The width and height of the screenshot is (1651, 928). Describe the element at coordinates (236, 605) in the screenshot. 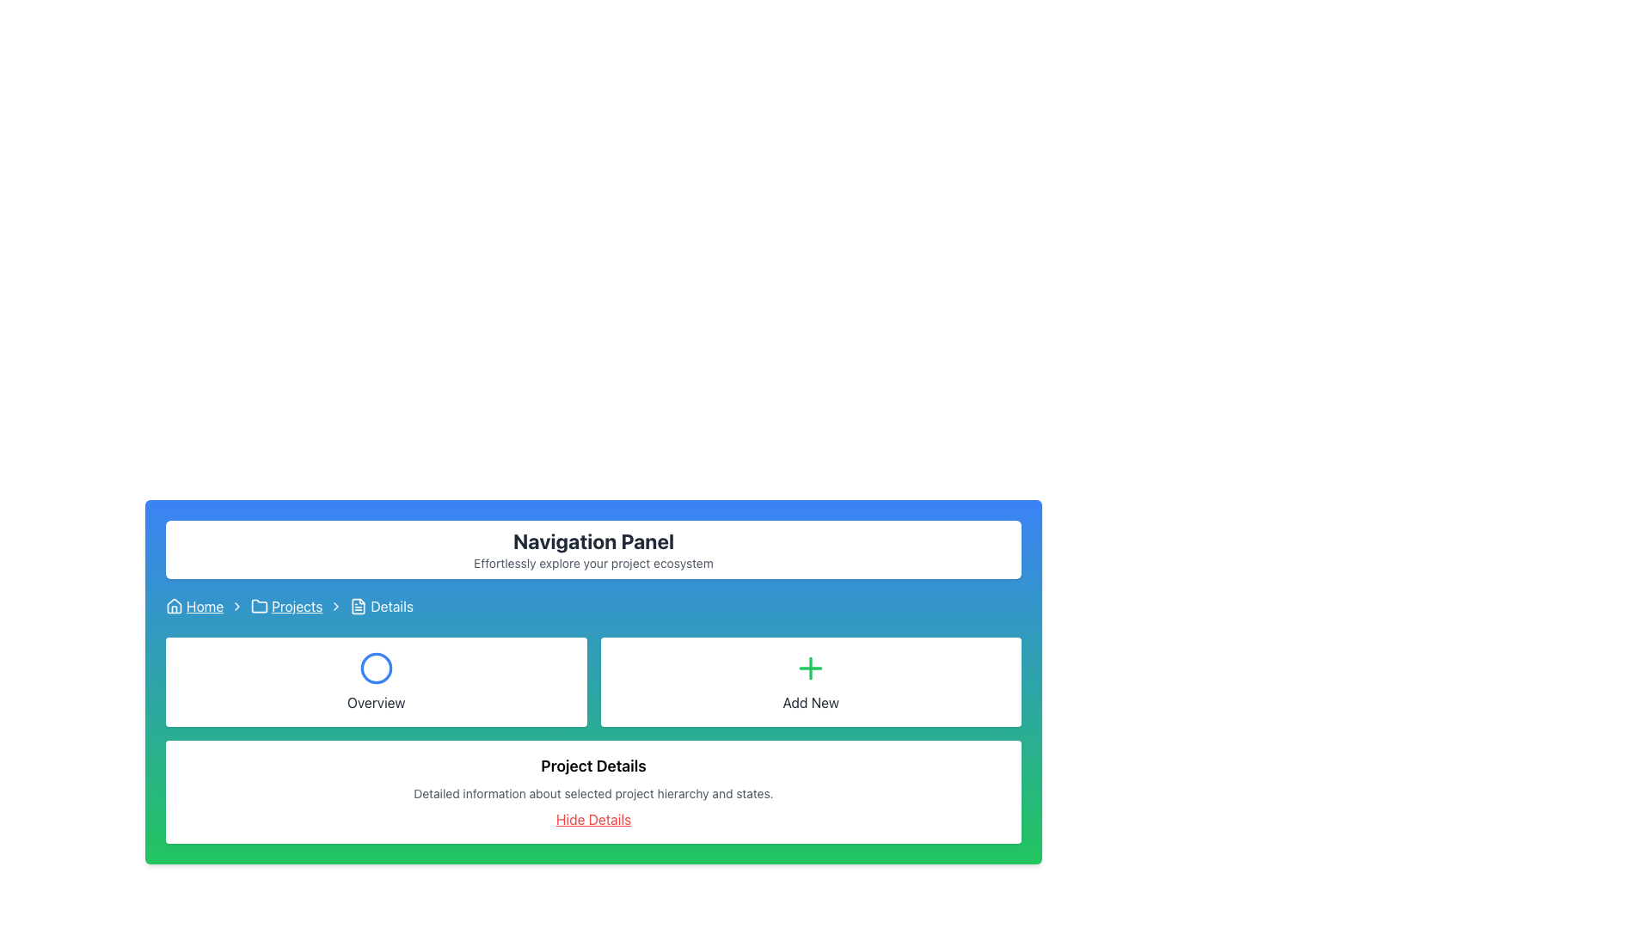

I see `the Chevron icon used as a breadcrumb separator in the breadcrumb navigation bar, located between the 'Home' and 'Projects' links` at that location.